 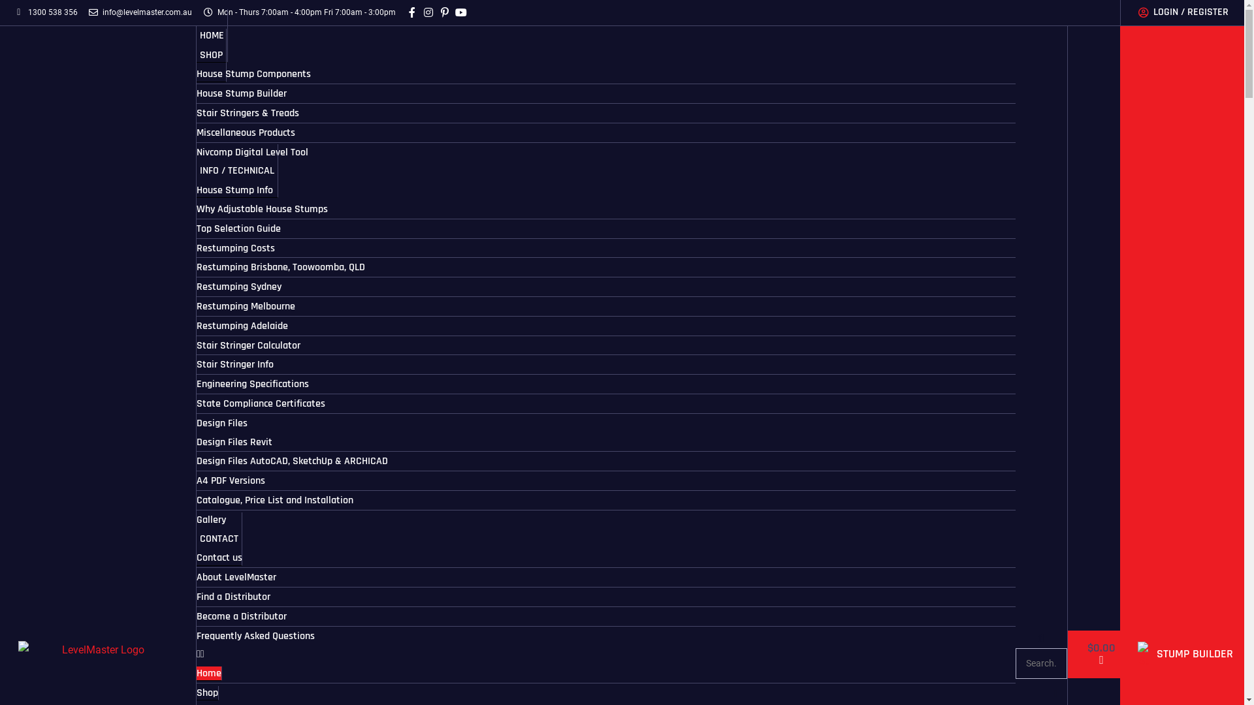 I want to click on 'info@levelmaster.com.au', so click(x=140, y=12).